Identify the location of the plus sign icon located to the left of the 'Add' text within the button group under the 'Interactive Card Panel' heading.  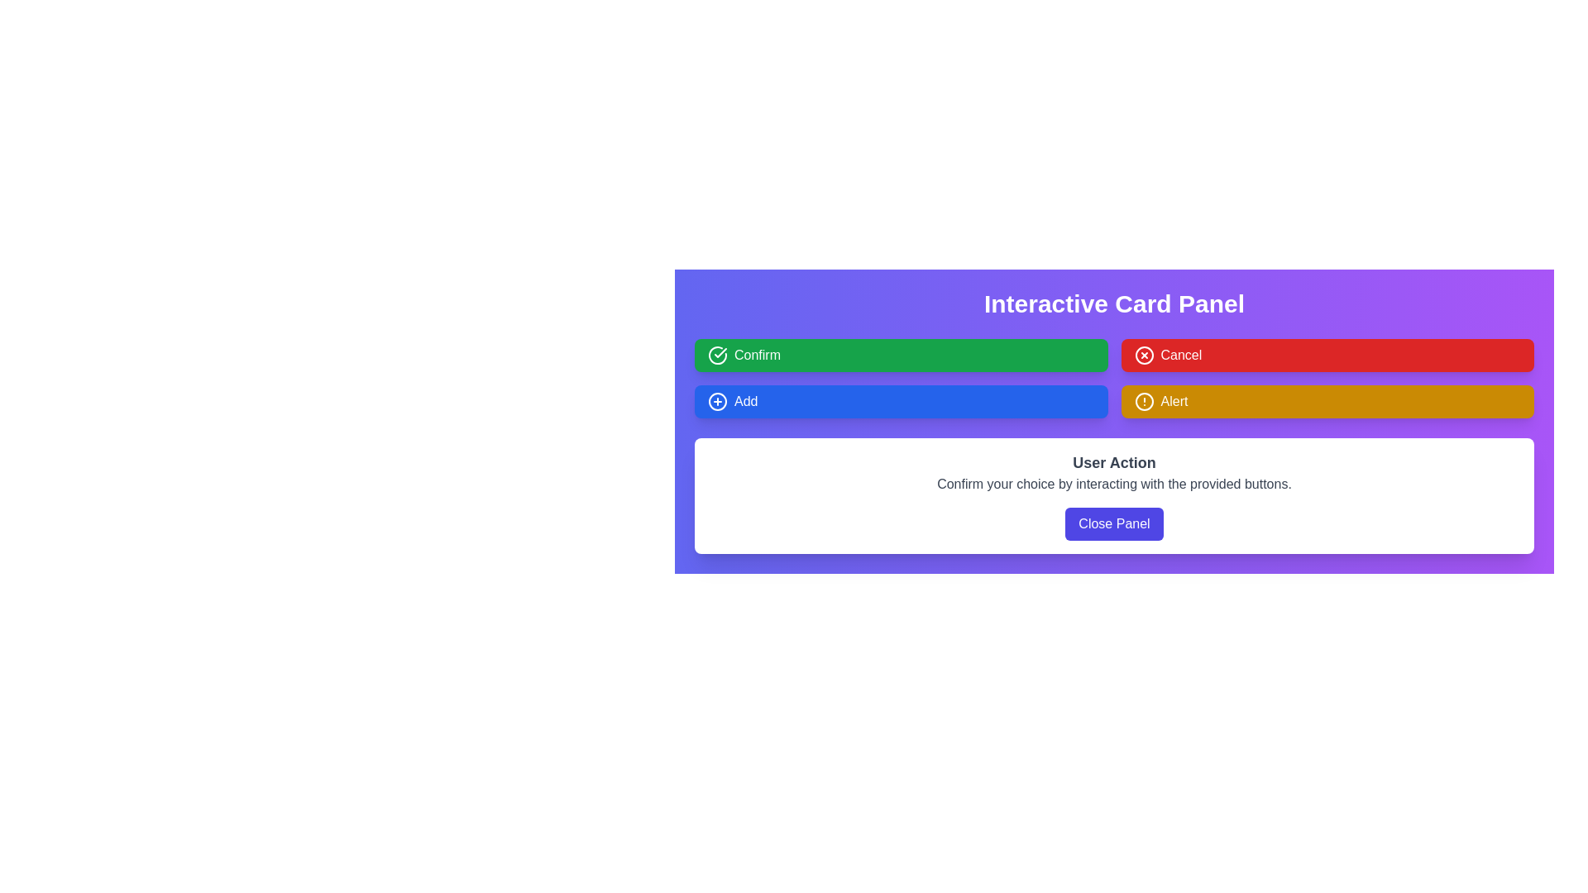
(718, 402).